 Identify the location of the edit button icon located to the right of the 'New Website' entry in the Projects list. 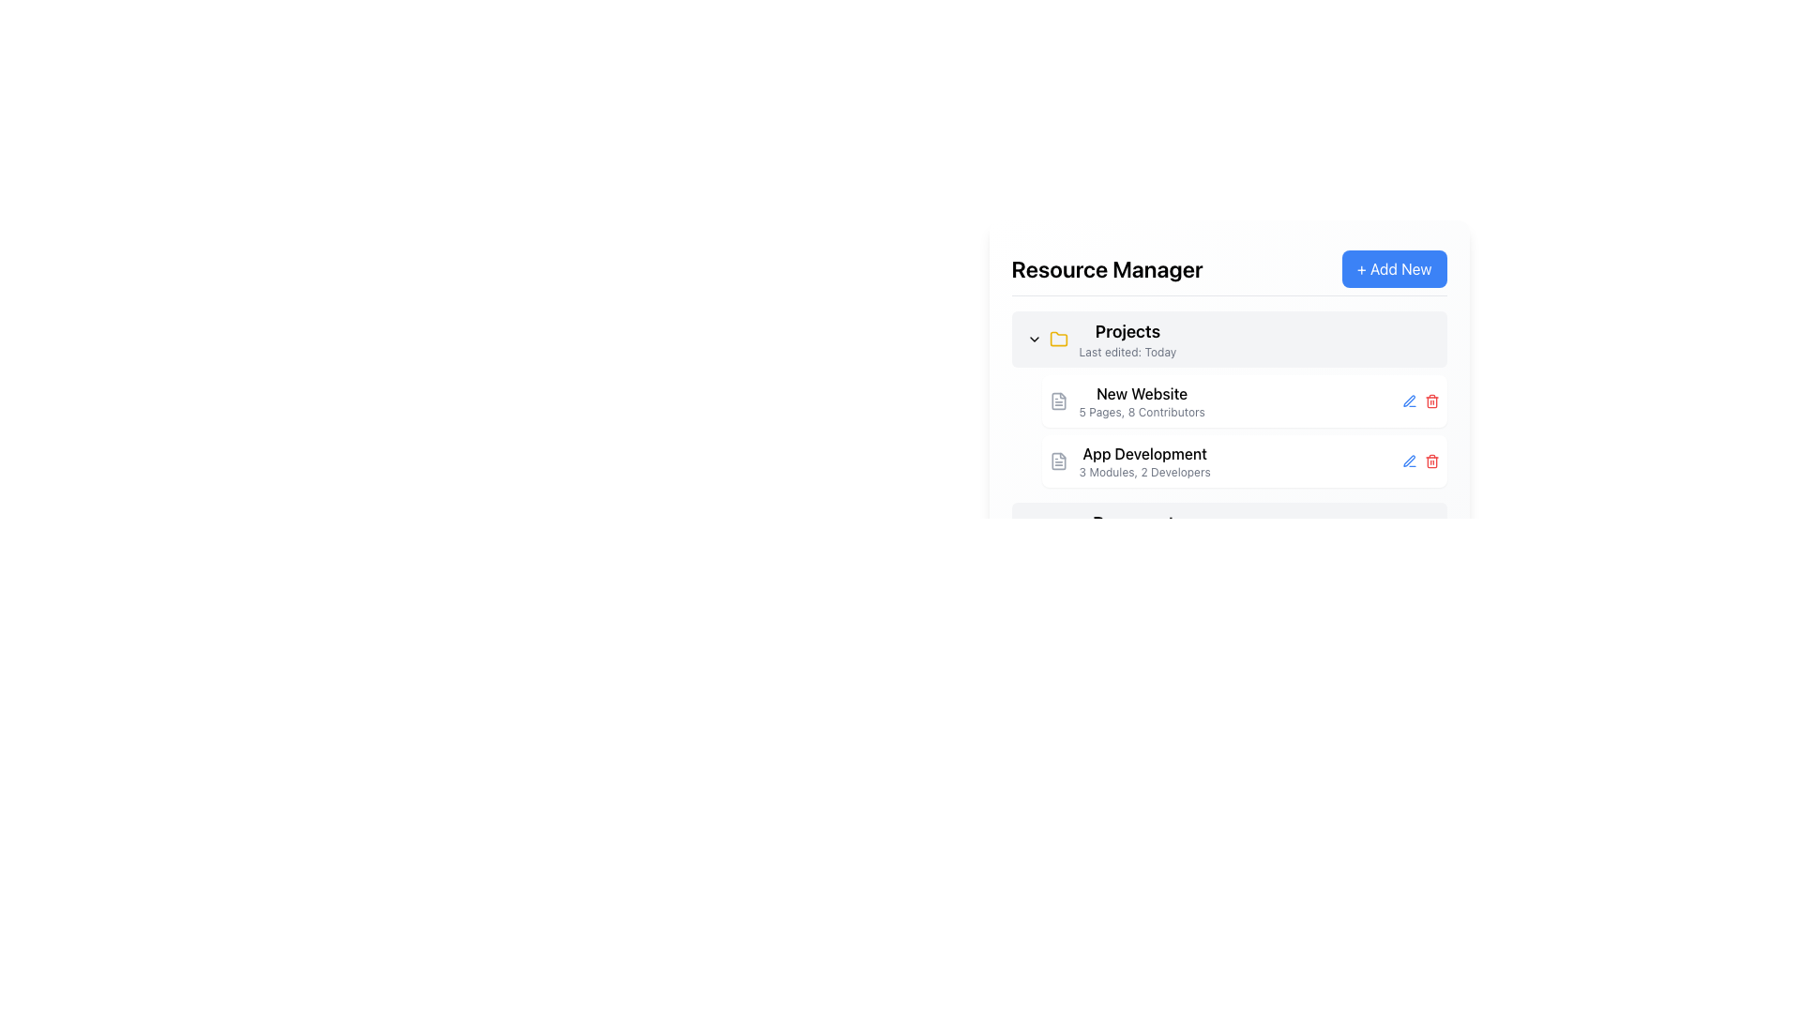
(1409, 401).